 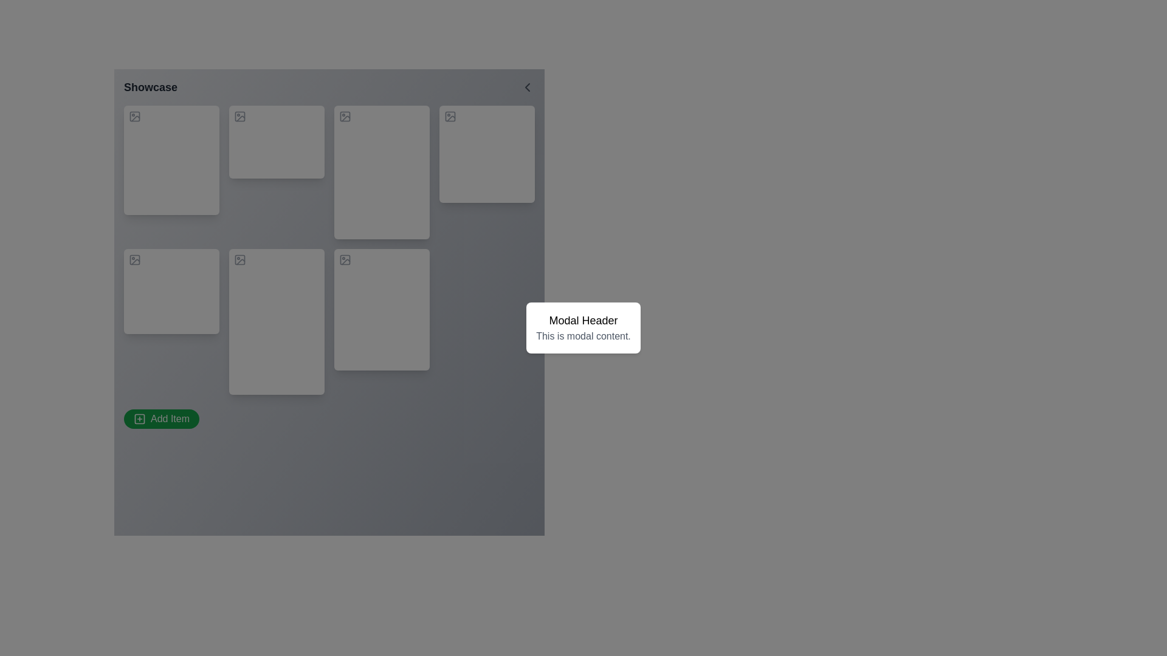 I want to click on the image placeholder icon located in the second row, third column of the 3x2 grid layout, so click(x=344, y=259).